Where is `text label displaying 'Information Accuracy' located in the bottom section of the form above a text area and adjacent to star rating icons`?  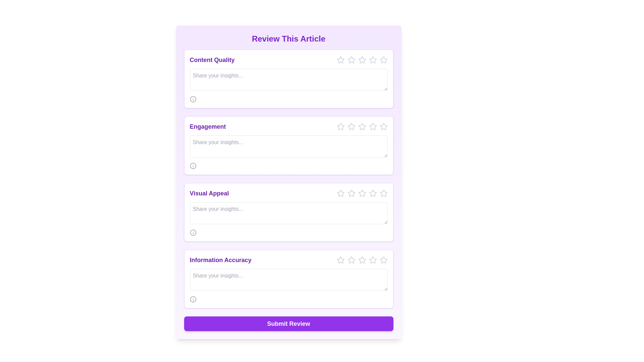
text label displaying 'Information Accuracy' located in the bottom section of the form above a text area and adjacent to star rating icons is located at coordinates (220, 259).